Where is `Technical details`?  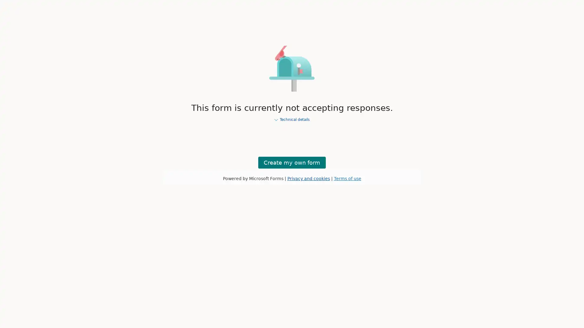
Technical details is located at coordinates (292, 120).